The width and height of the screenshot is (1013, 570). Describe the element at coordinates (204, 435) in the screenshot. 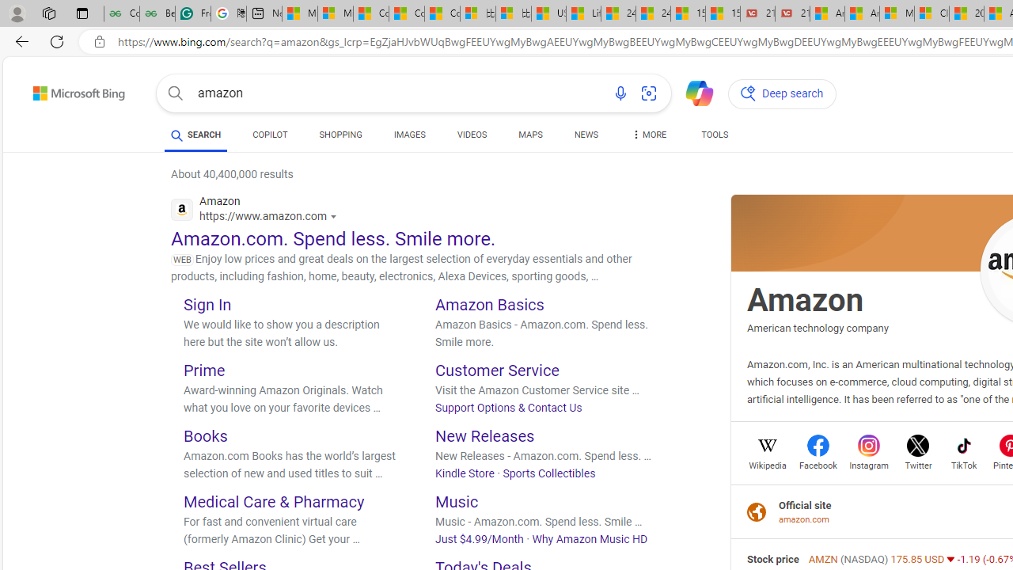

I see `'Books'` at that location.